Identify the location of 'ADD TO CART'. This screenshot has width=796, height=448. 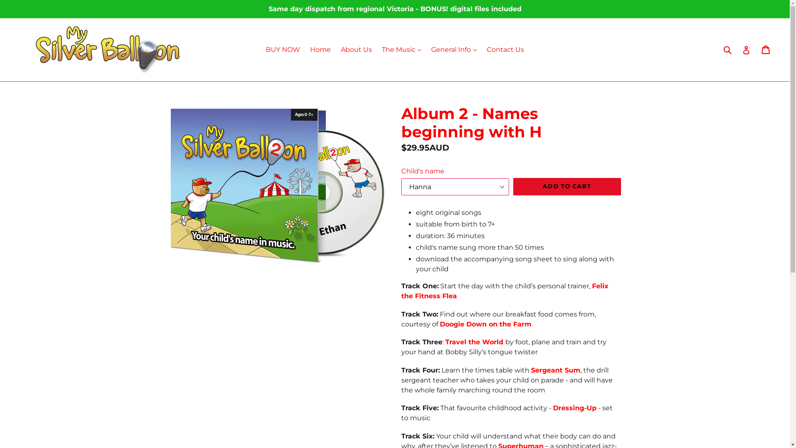
(567, 187).